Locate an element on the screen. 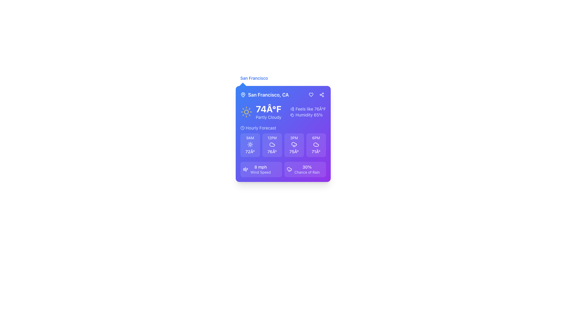 The width and height of the screenshot is (570, 320). the stylized cloud vector graphic icon located in the top-left section of the weather forecast card is located at coordinates (272, 145).